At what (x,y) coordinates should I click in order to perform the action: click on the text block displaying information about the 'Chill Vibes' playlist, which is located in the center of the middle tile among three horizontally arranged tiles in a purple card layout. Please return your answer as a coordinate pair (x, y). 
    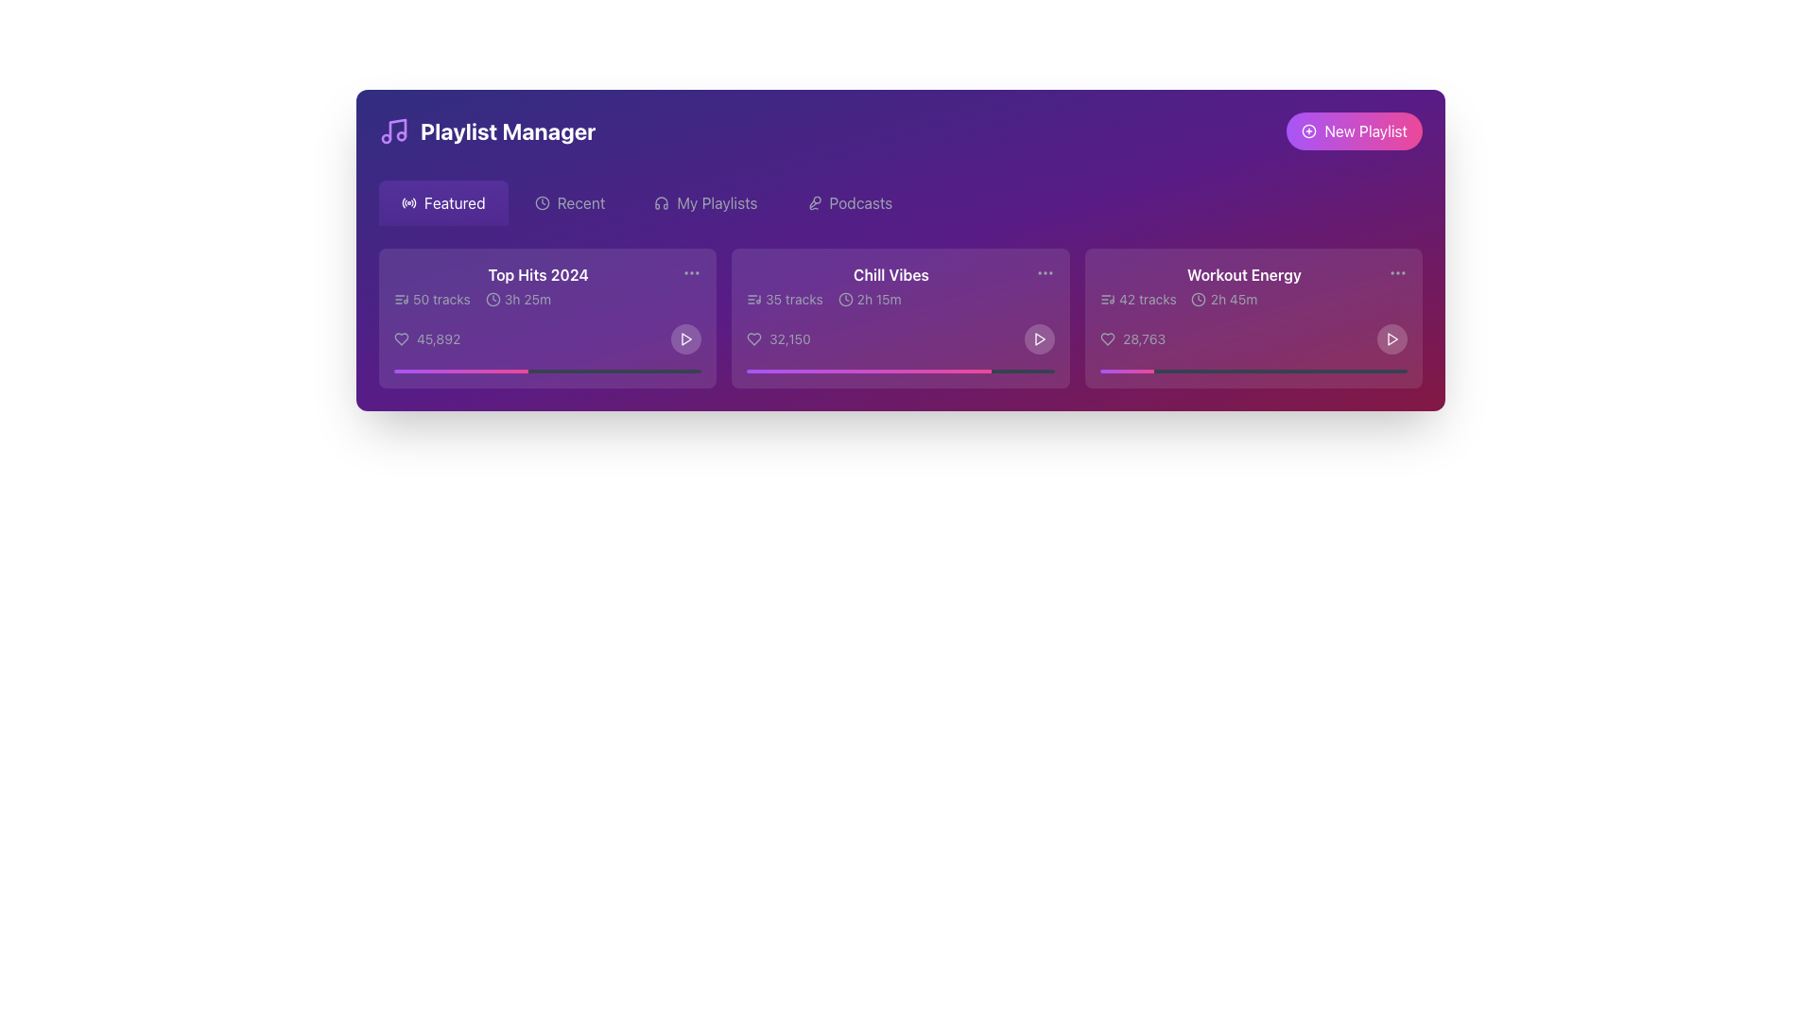
    Looking at the image, I should click on (890, 286).